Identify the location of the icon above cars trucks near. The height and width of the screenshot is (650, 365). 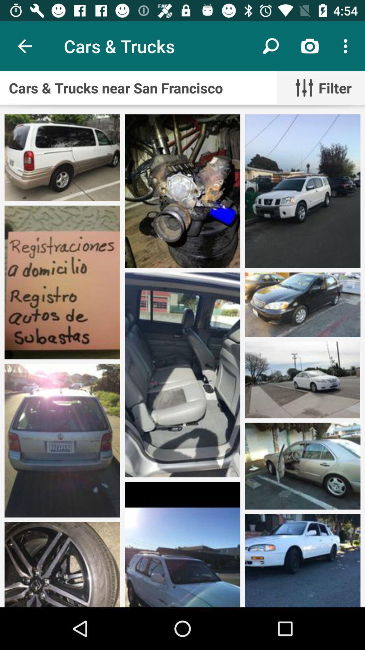
(347, 46).